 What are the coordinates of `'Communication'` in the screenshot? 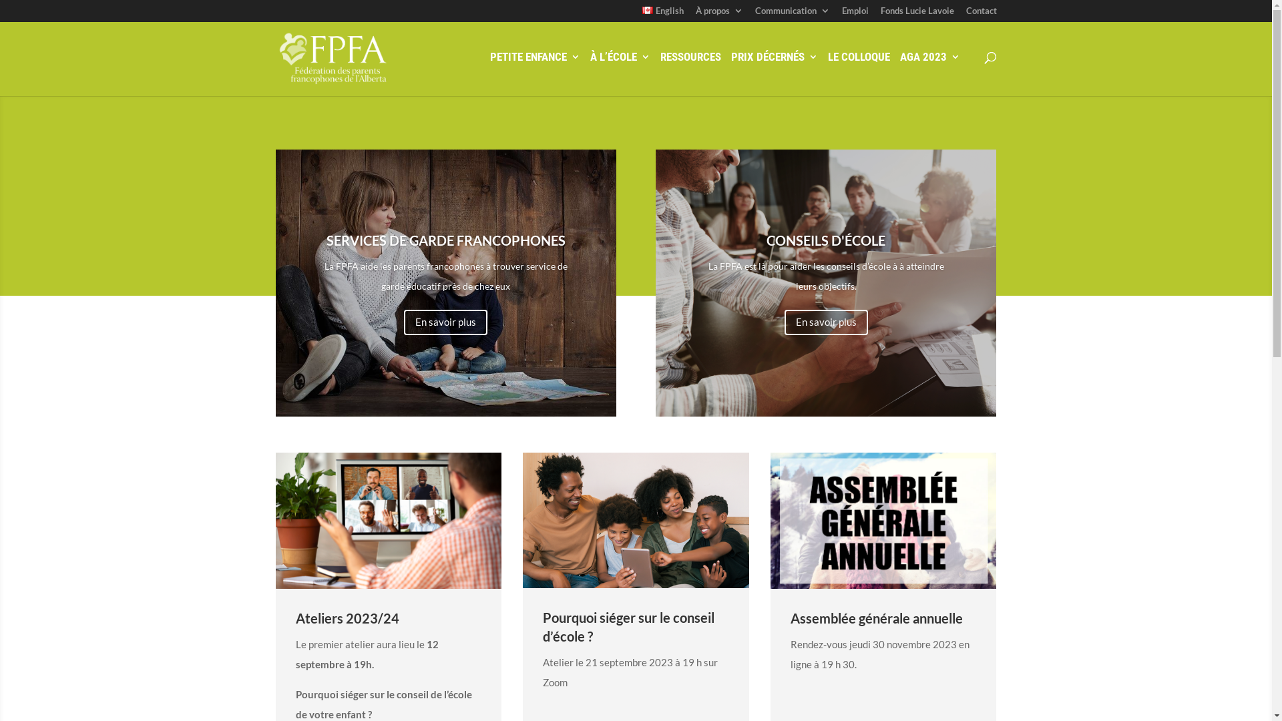 It's located at (791, 14).